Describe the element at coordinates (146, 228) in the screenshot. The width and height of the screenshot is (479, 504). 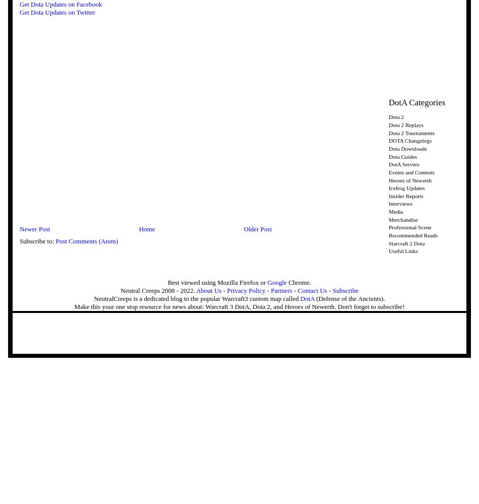
I see `'Home'` at that location.